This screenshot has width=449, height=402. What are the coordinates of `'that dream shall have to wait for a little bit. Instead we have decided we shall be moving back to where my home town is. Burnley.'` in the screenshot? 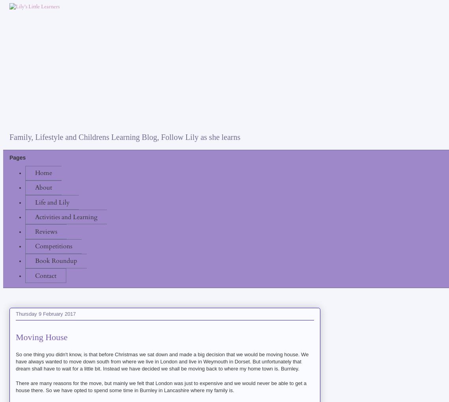 It's located at (15, 365).